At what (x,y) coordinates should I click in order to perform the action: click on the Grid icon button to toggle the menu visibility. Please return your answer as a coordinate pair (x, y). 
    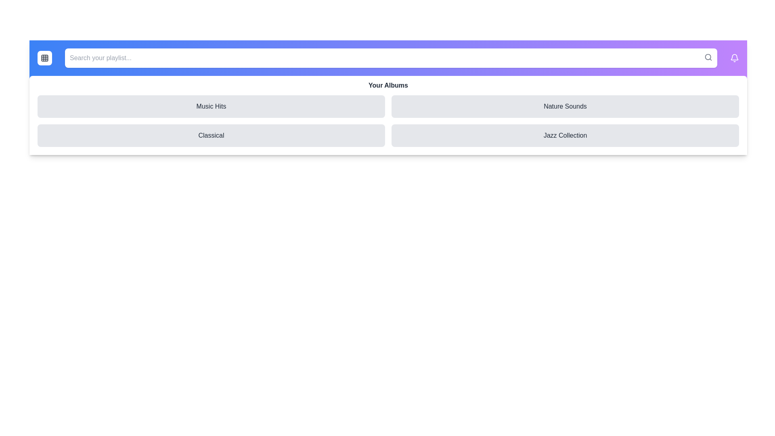
    Looking at the image, I should click on (44, 57).